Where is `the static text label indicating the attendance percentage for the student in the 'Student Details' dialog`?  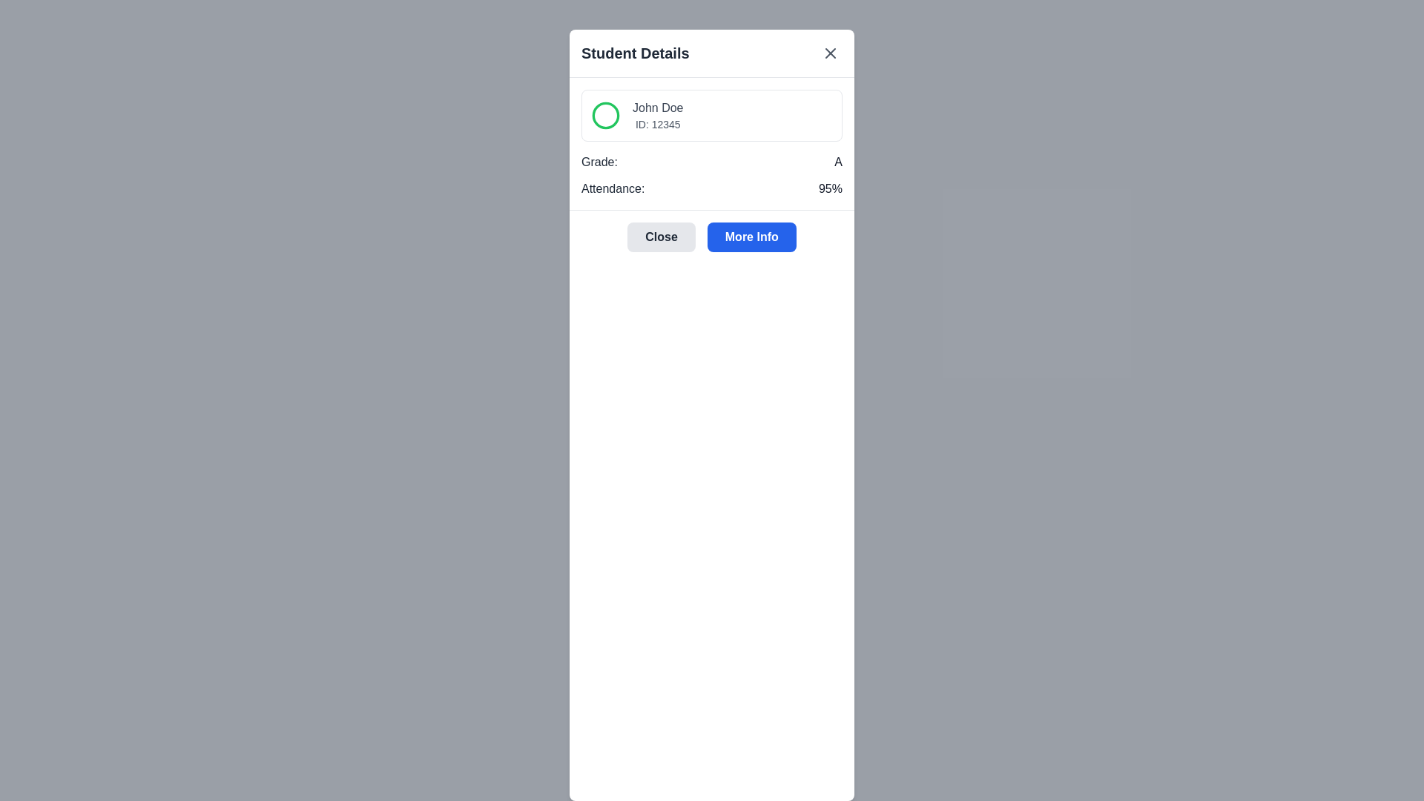
the static text label indicating the attendance percentage for the student in the 'Student Details' dialog is located at coordinates (829, 188).